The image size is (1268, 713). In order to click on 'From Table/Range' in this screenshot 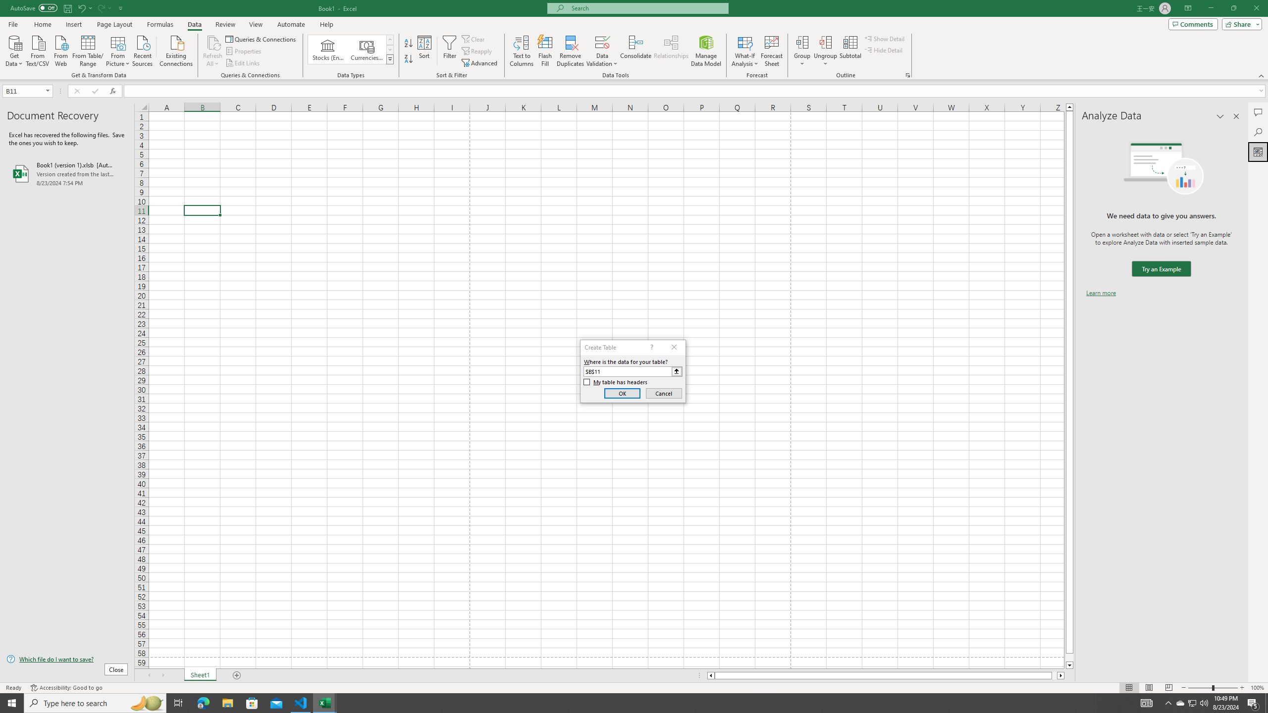, I will do `click(87, 50)`.